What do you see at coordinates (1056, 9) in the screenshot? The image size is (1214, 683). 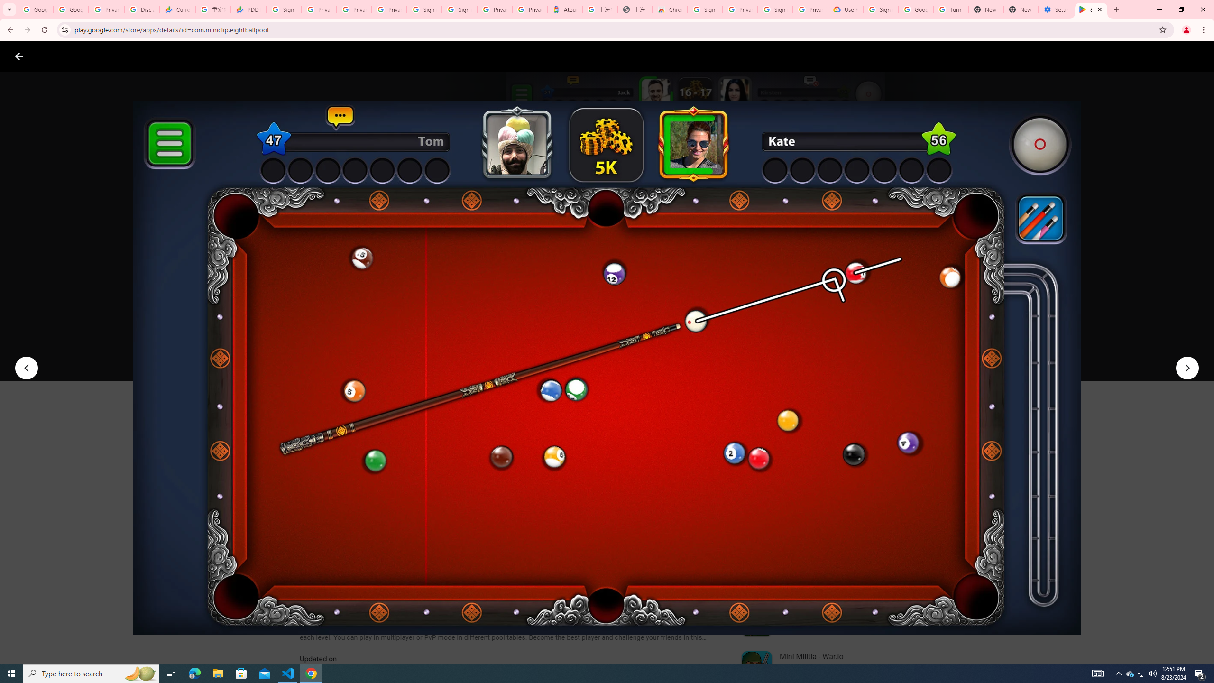 I see `'Settings - System'` at bounding box center [1056, 9].